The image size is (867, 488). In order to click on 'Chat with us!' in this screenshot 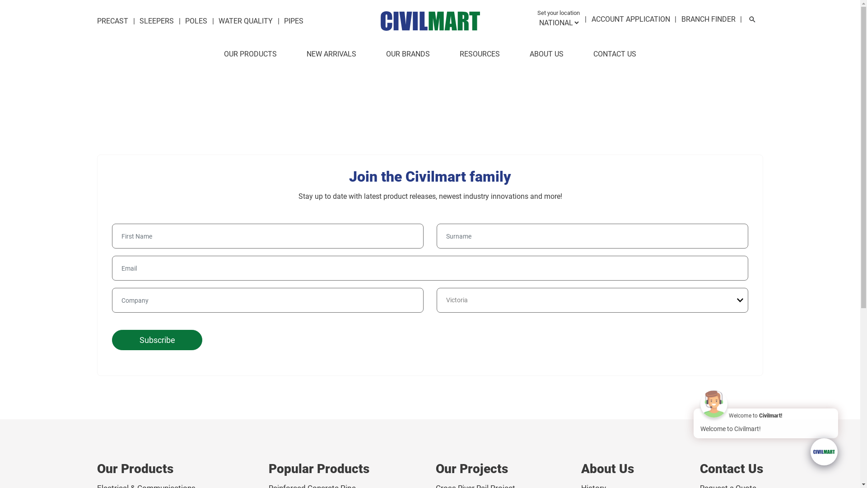, I will do `click(824, 451)`.